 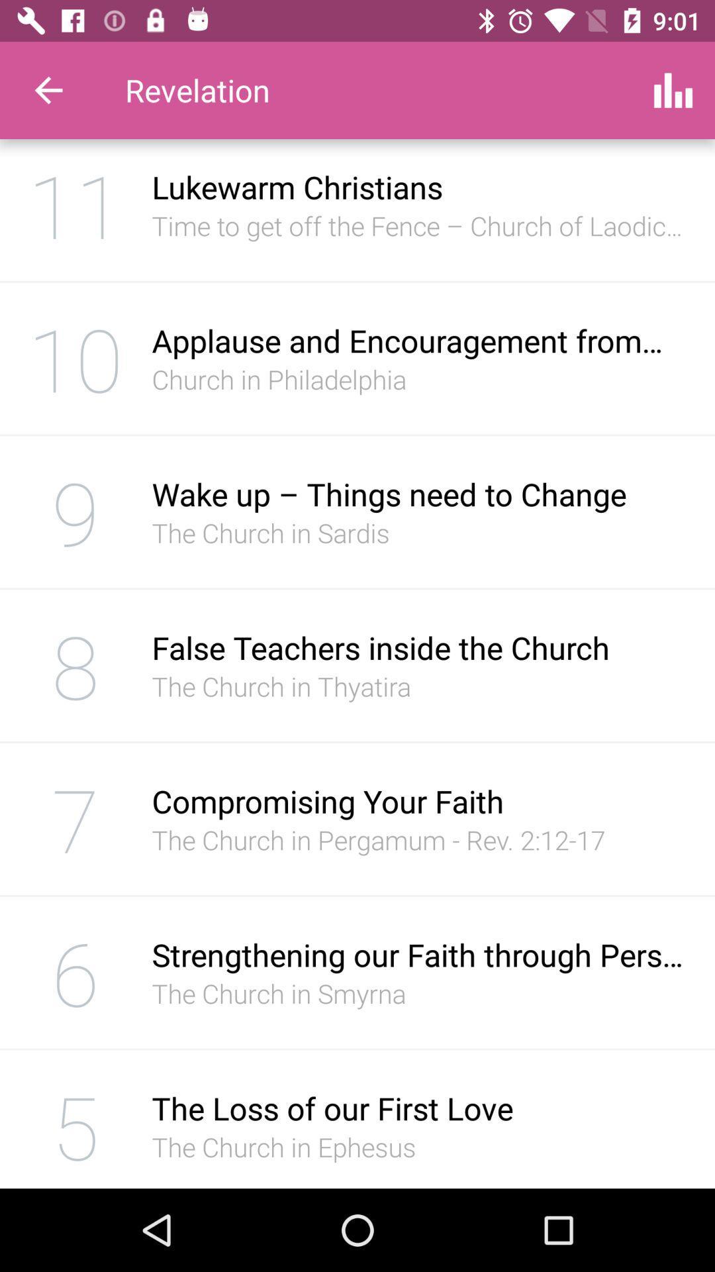 I want to click on the icon above 11, so click(x=48, y=89).